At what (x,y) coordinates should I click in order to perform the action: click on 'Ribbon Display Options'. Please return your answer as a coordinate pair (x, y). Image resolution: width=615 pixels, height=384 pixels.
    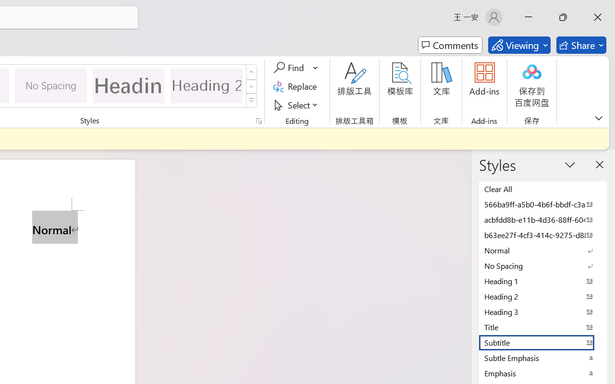
    Looking at the image, I should click on (598, 118).